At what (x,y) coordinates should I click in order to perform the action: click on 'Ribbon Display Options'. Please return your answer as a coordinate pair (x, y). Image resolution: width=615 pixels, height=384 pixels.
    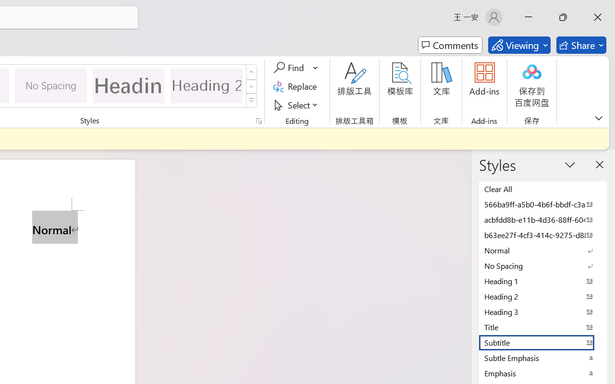
    Looking at the image, I should click on (598, 118).